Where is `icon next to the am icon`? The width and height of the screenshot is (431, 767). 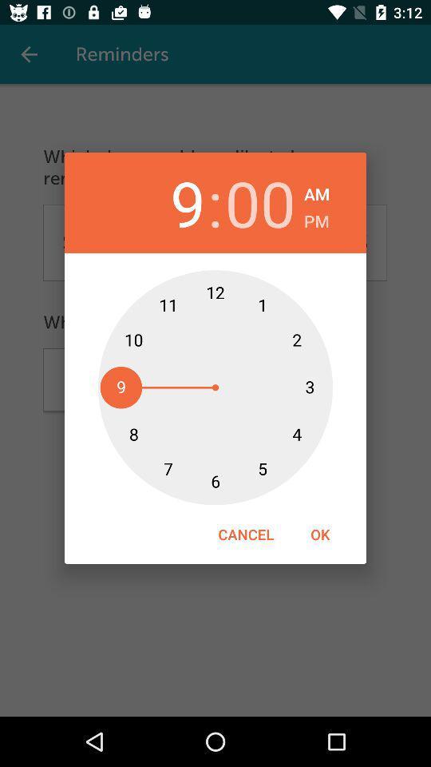
icon next to the am icon is located at coordinates (260, 202).